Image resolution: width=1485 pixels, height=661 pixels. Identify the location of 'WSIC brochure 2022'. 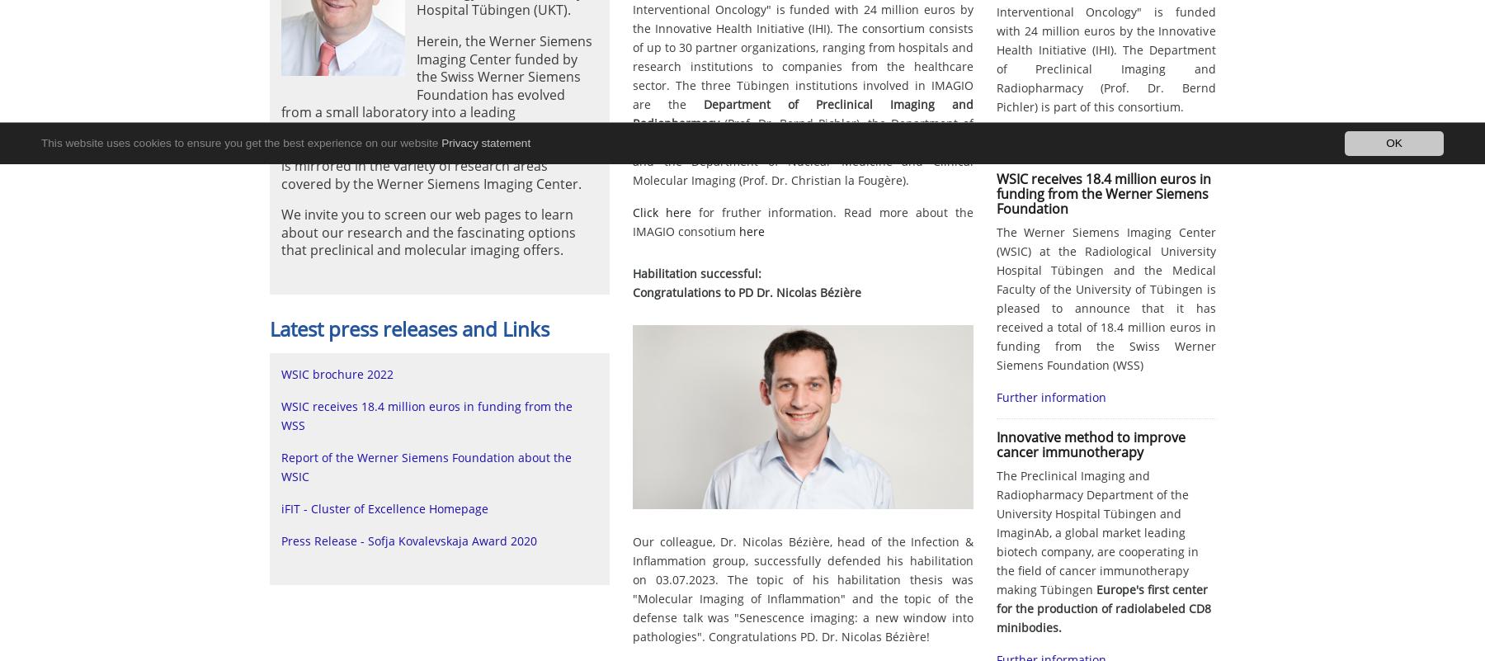
(337, 373).